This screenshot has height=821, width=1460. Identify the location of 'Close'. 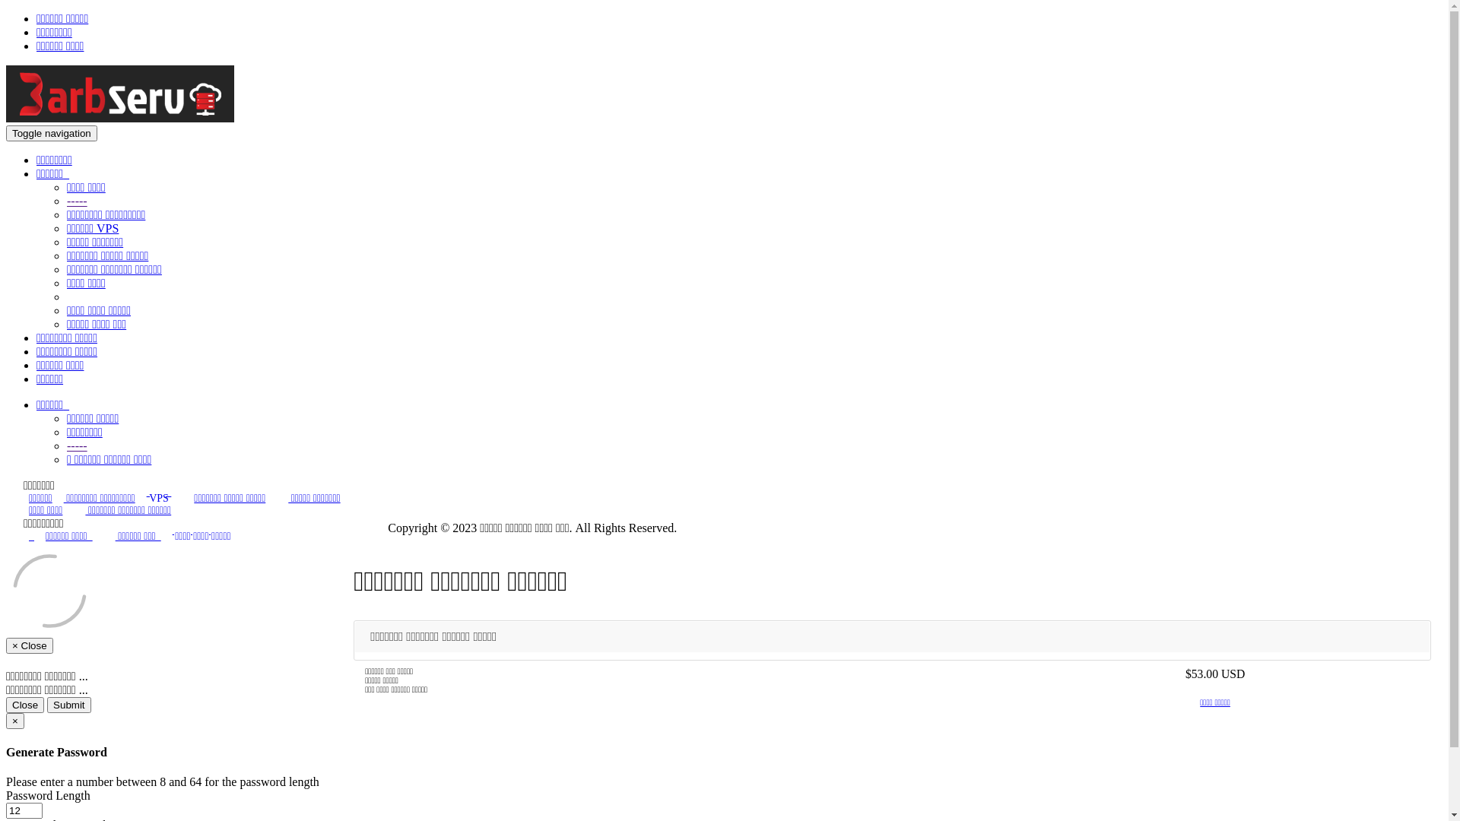
(25, 705).